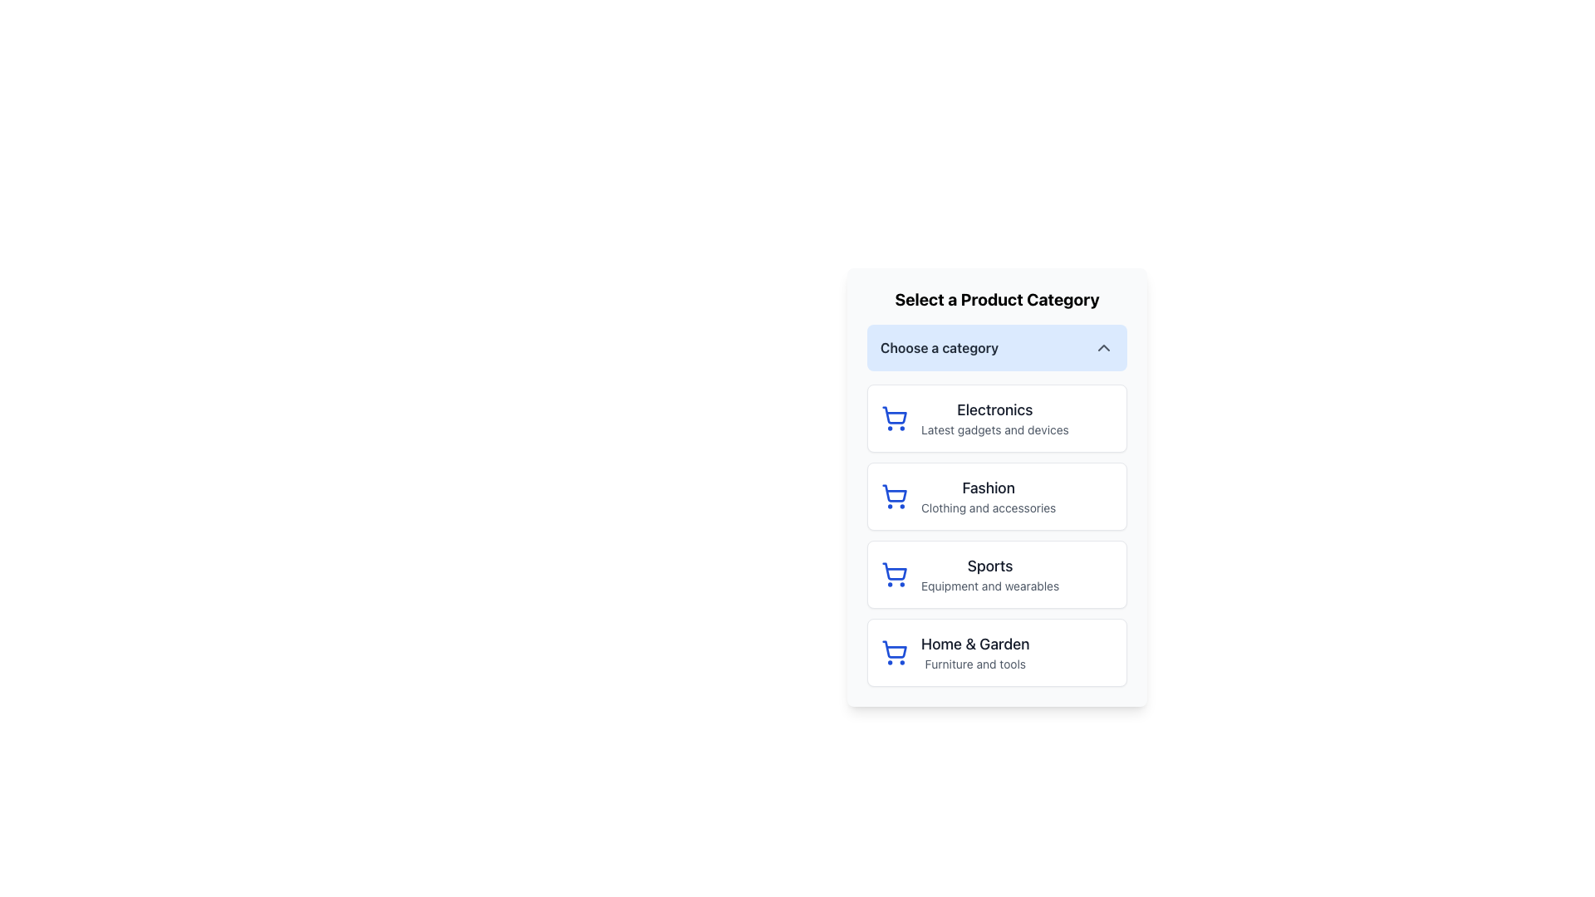 The width and height of the screenshot is (1595, 897). What do you see at coordinates (990, 566) in the screenshot?
I see `the 'Sports' category label, which is the third item in a vertical list of categories, positioned between 'Fashion' and 'Home & Garden'` at bounding box center [990, 566].